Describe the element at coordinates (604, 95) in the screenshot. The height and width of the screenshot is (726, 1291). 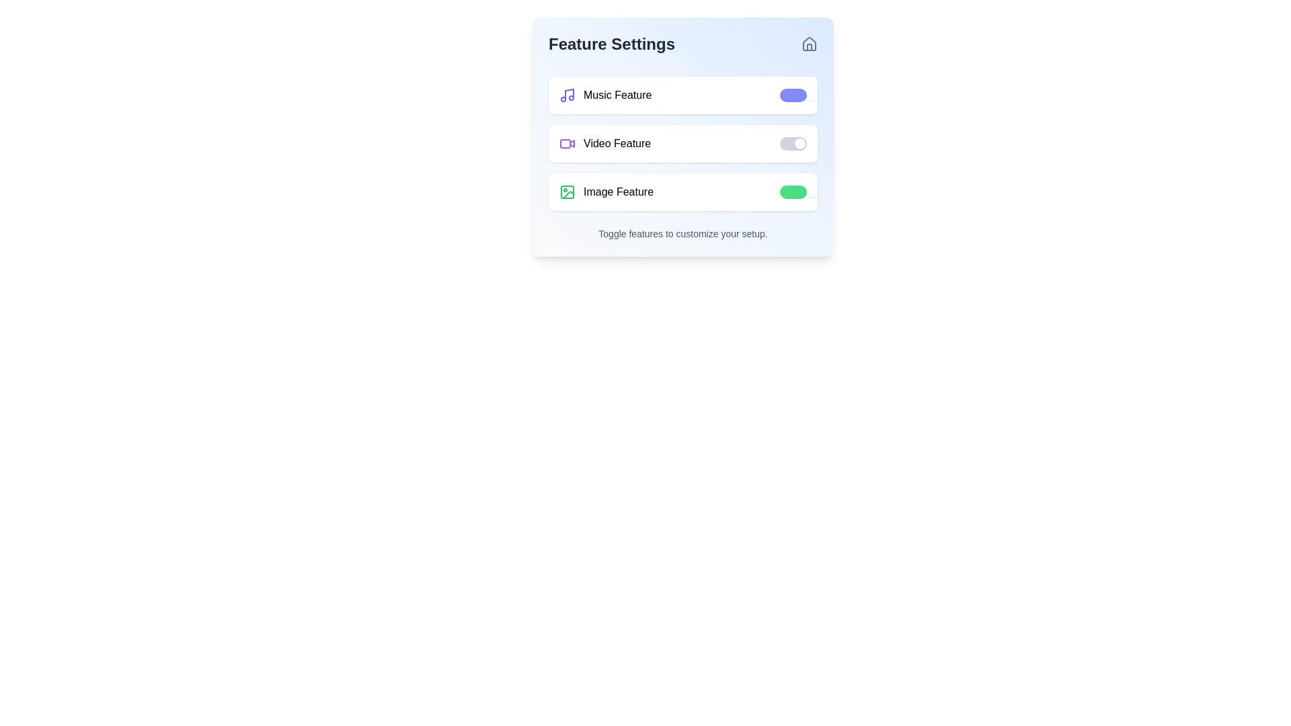
I see `the first feature toggle option label with an accompanying icon located at the top of the vertical list of settings options in the card` at that location.